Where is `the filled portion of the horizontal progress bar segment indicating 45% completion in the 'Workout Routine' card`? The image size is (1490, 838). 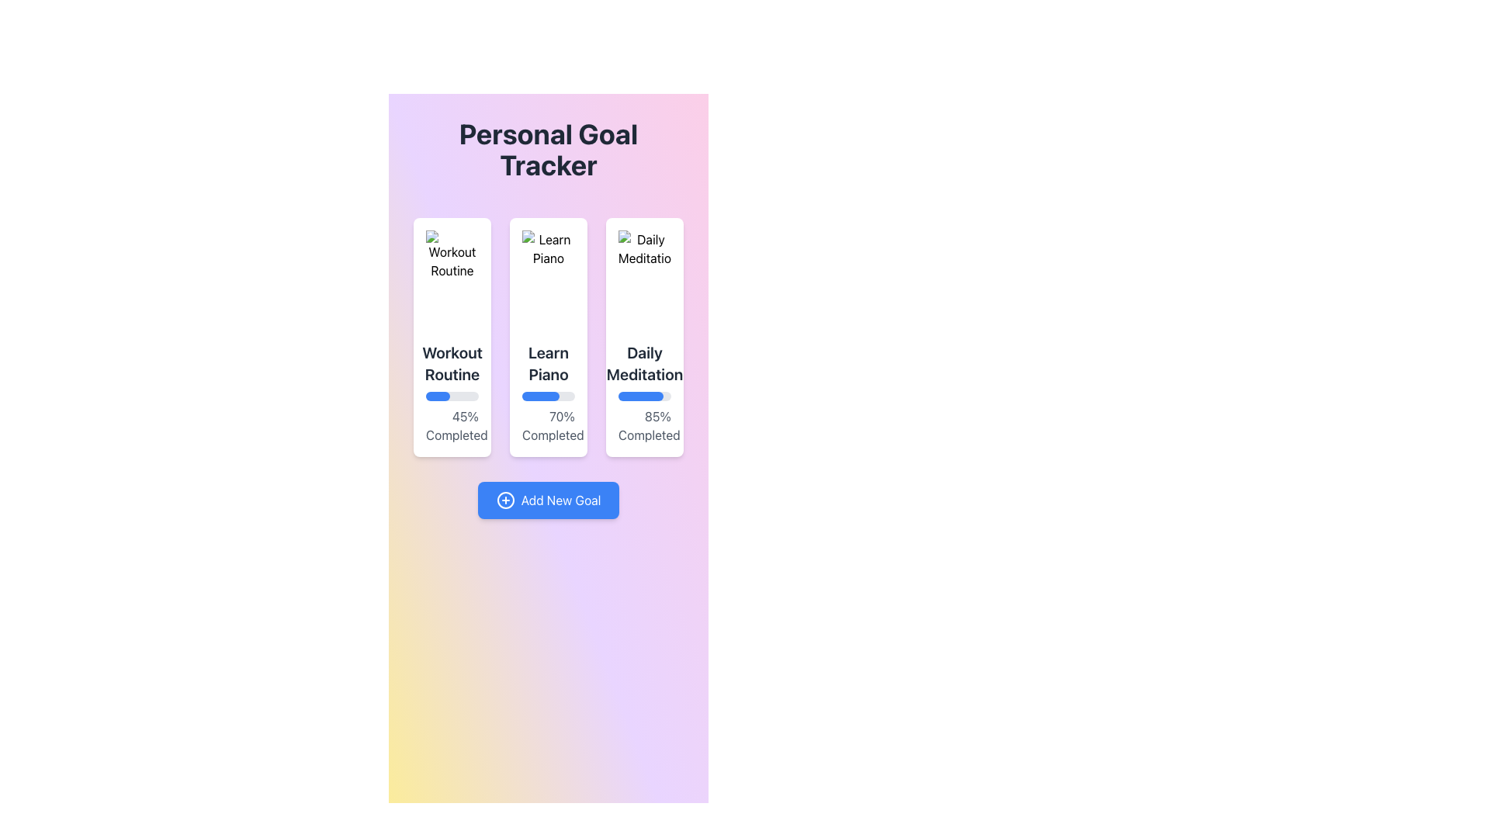 the filled portion of the horizontal progress bar segment indicating 45% completion in the 'Workout Routine' card is located at coordinates (437, 395).